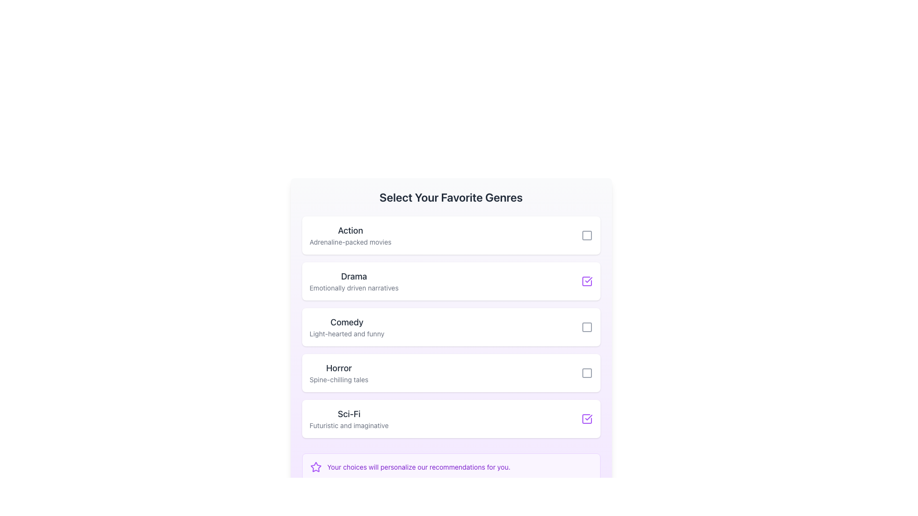 The width and height of the screenshot is (918, 516). What do you see at coordinates (353, 281) in the screenshot?
I see `the 'Drama' genre selection option, which is the second item in the vertically arranged list of genres` at bounding box center [353, 281].